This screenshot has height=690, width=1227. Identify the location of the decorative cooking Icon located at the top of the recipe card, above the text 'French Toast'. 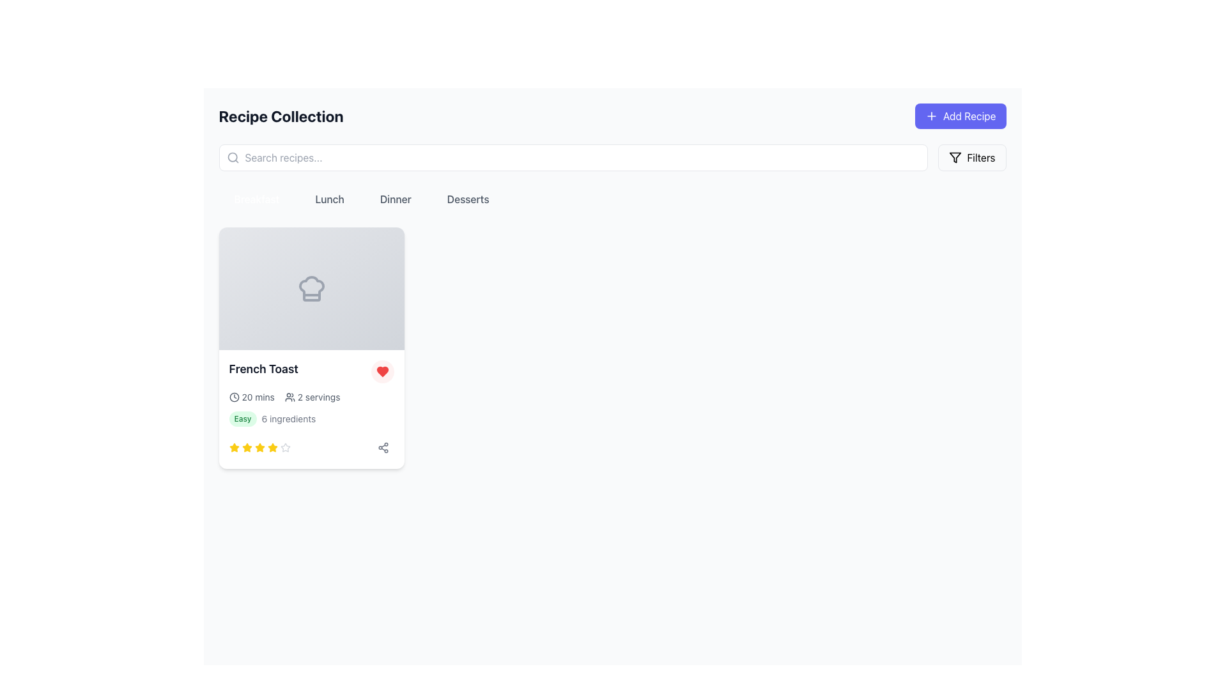
(311, 288).